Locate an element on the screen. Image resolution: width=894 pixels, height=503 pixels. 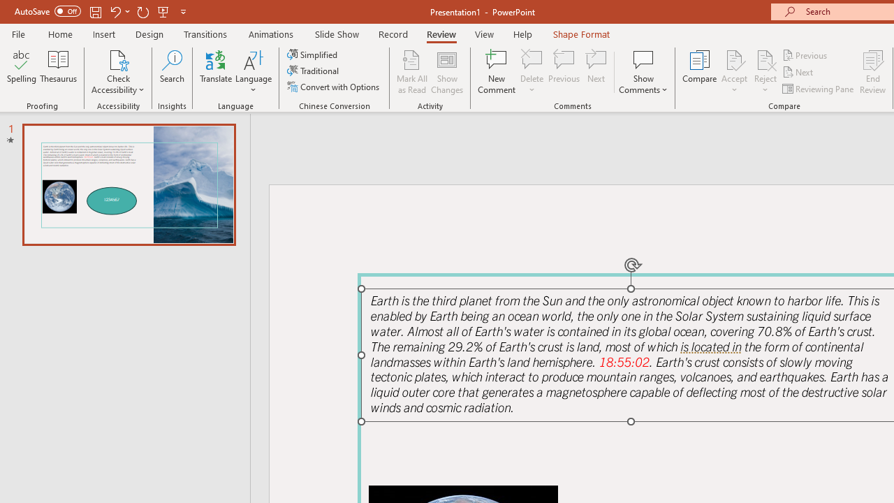
'Thesaurus...' is located at coordinates (57, 72).